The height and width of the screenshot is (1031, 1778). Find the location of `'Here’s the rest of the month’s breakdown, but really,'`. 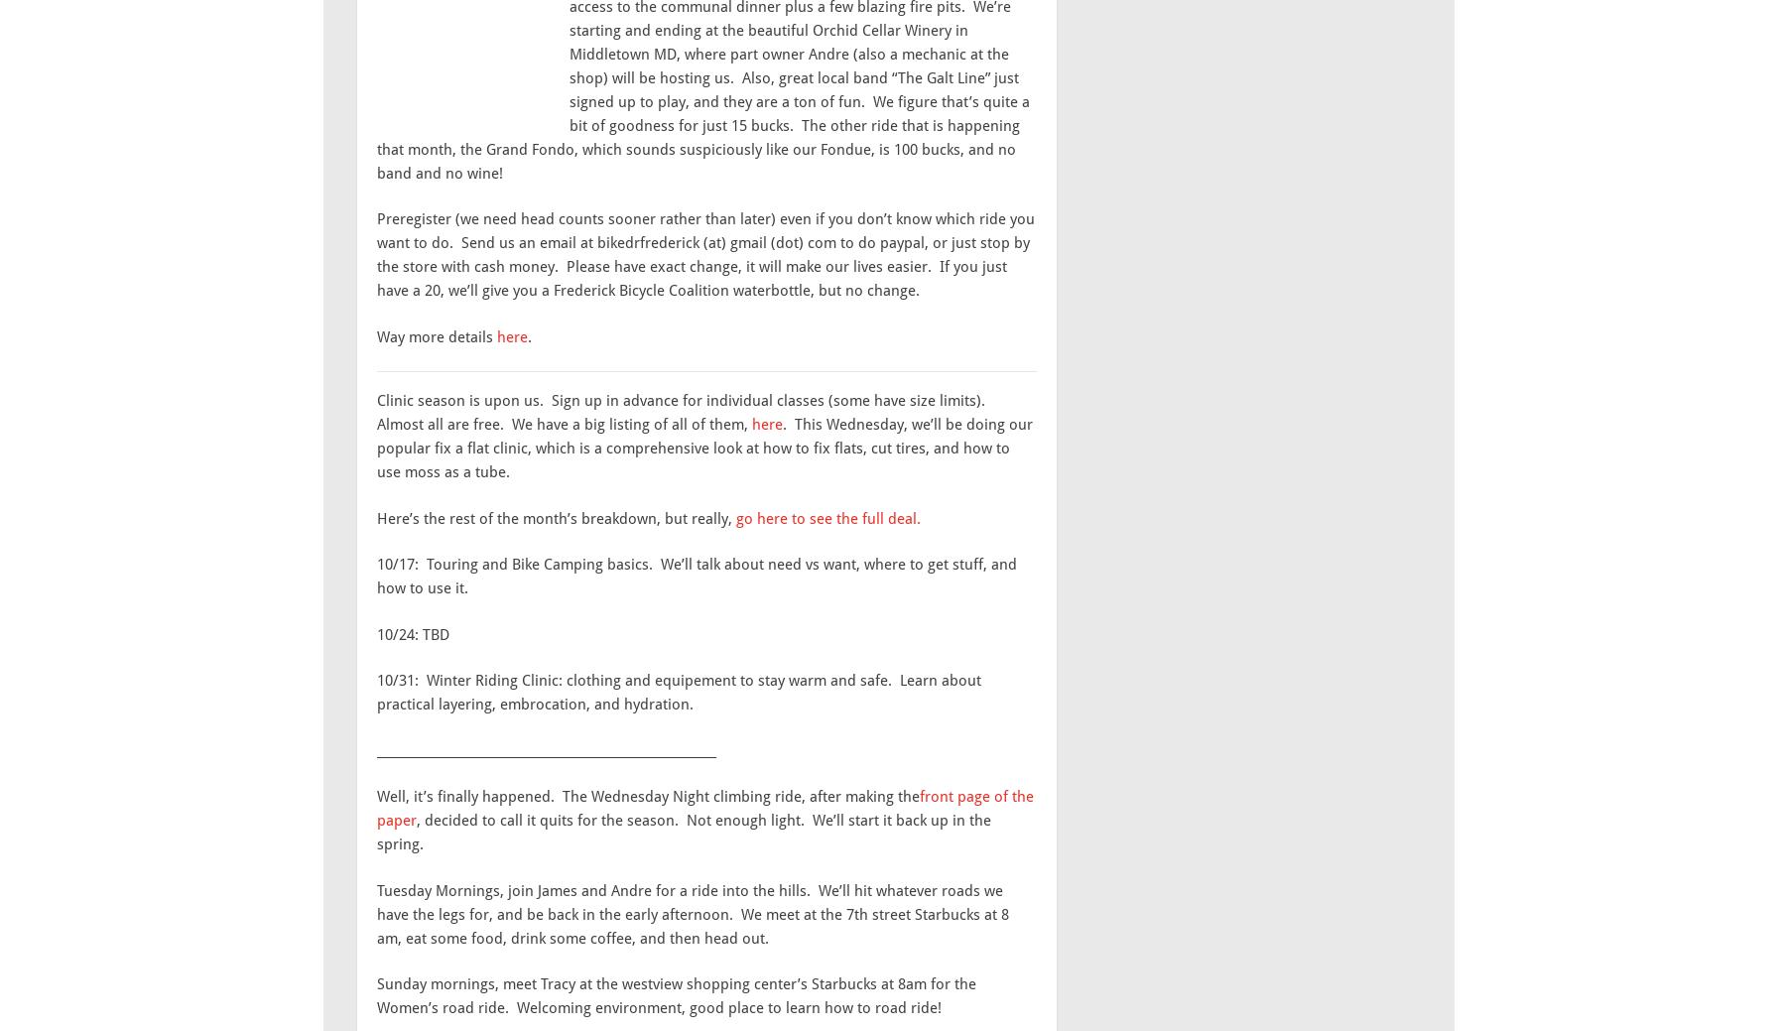

'Here’s the rest of the month’s breakdown, but really,' is located at coordinates (557, 517).